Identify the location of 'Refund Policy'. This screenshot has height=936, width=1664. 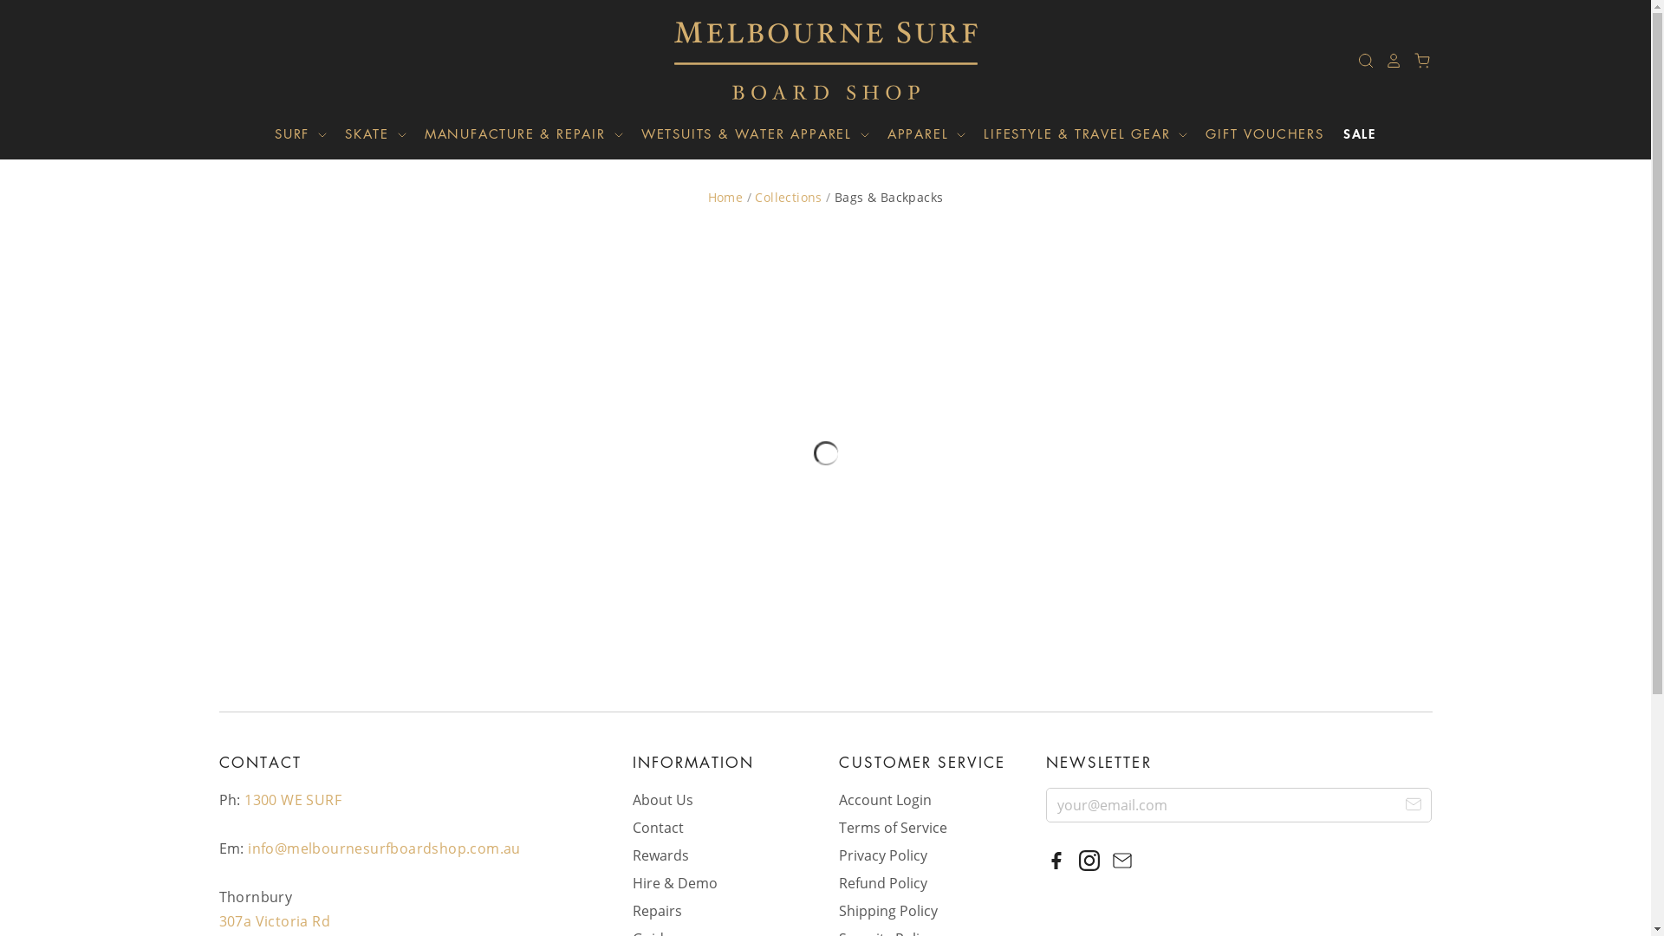
(839, 882).